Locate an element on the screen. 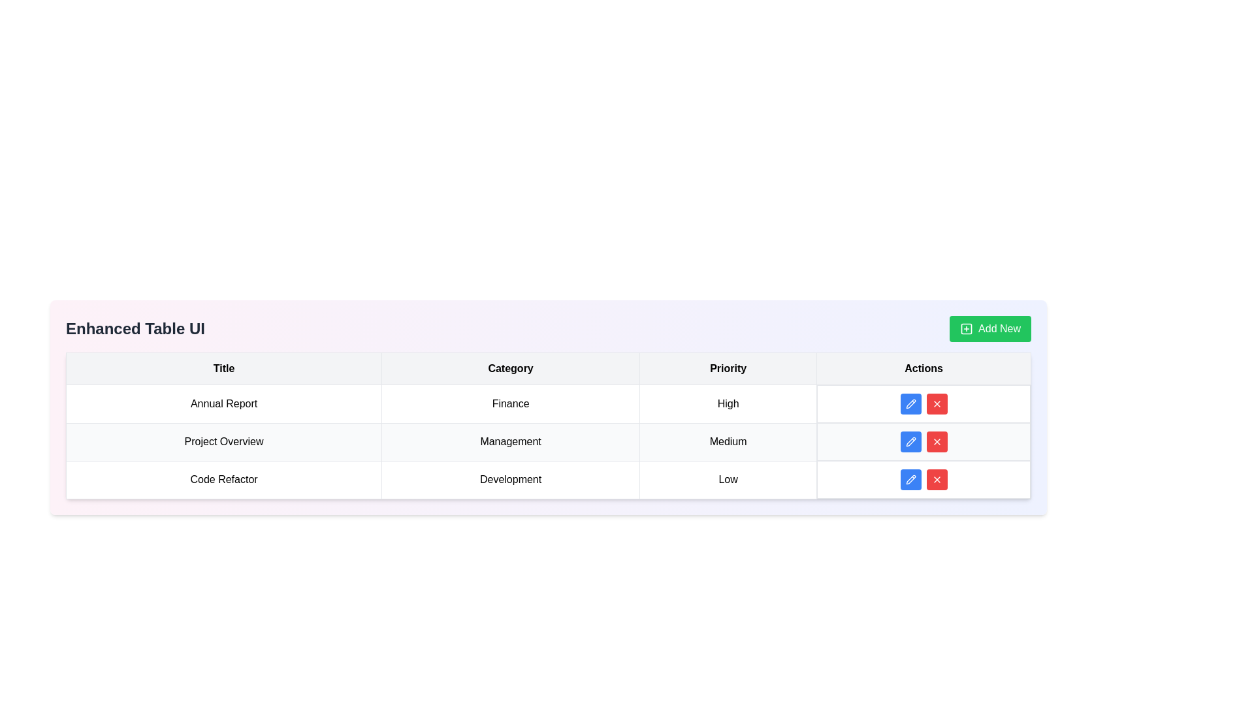 The height and width of the screenshot is (705, 1254). the red delete button with a cross icon located in the 'Actions' column of the last row of the table, adjacent to the blue pencil-shaped button is located at coordinates (936, 480).